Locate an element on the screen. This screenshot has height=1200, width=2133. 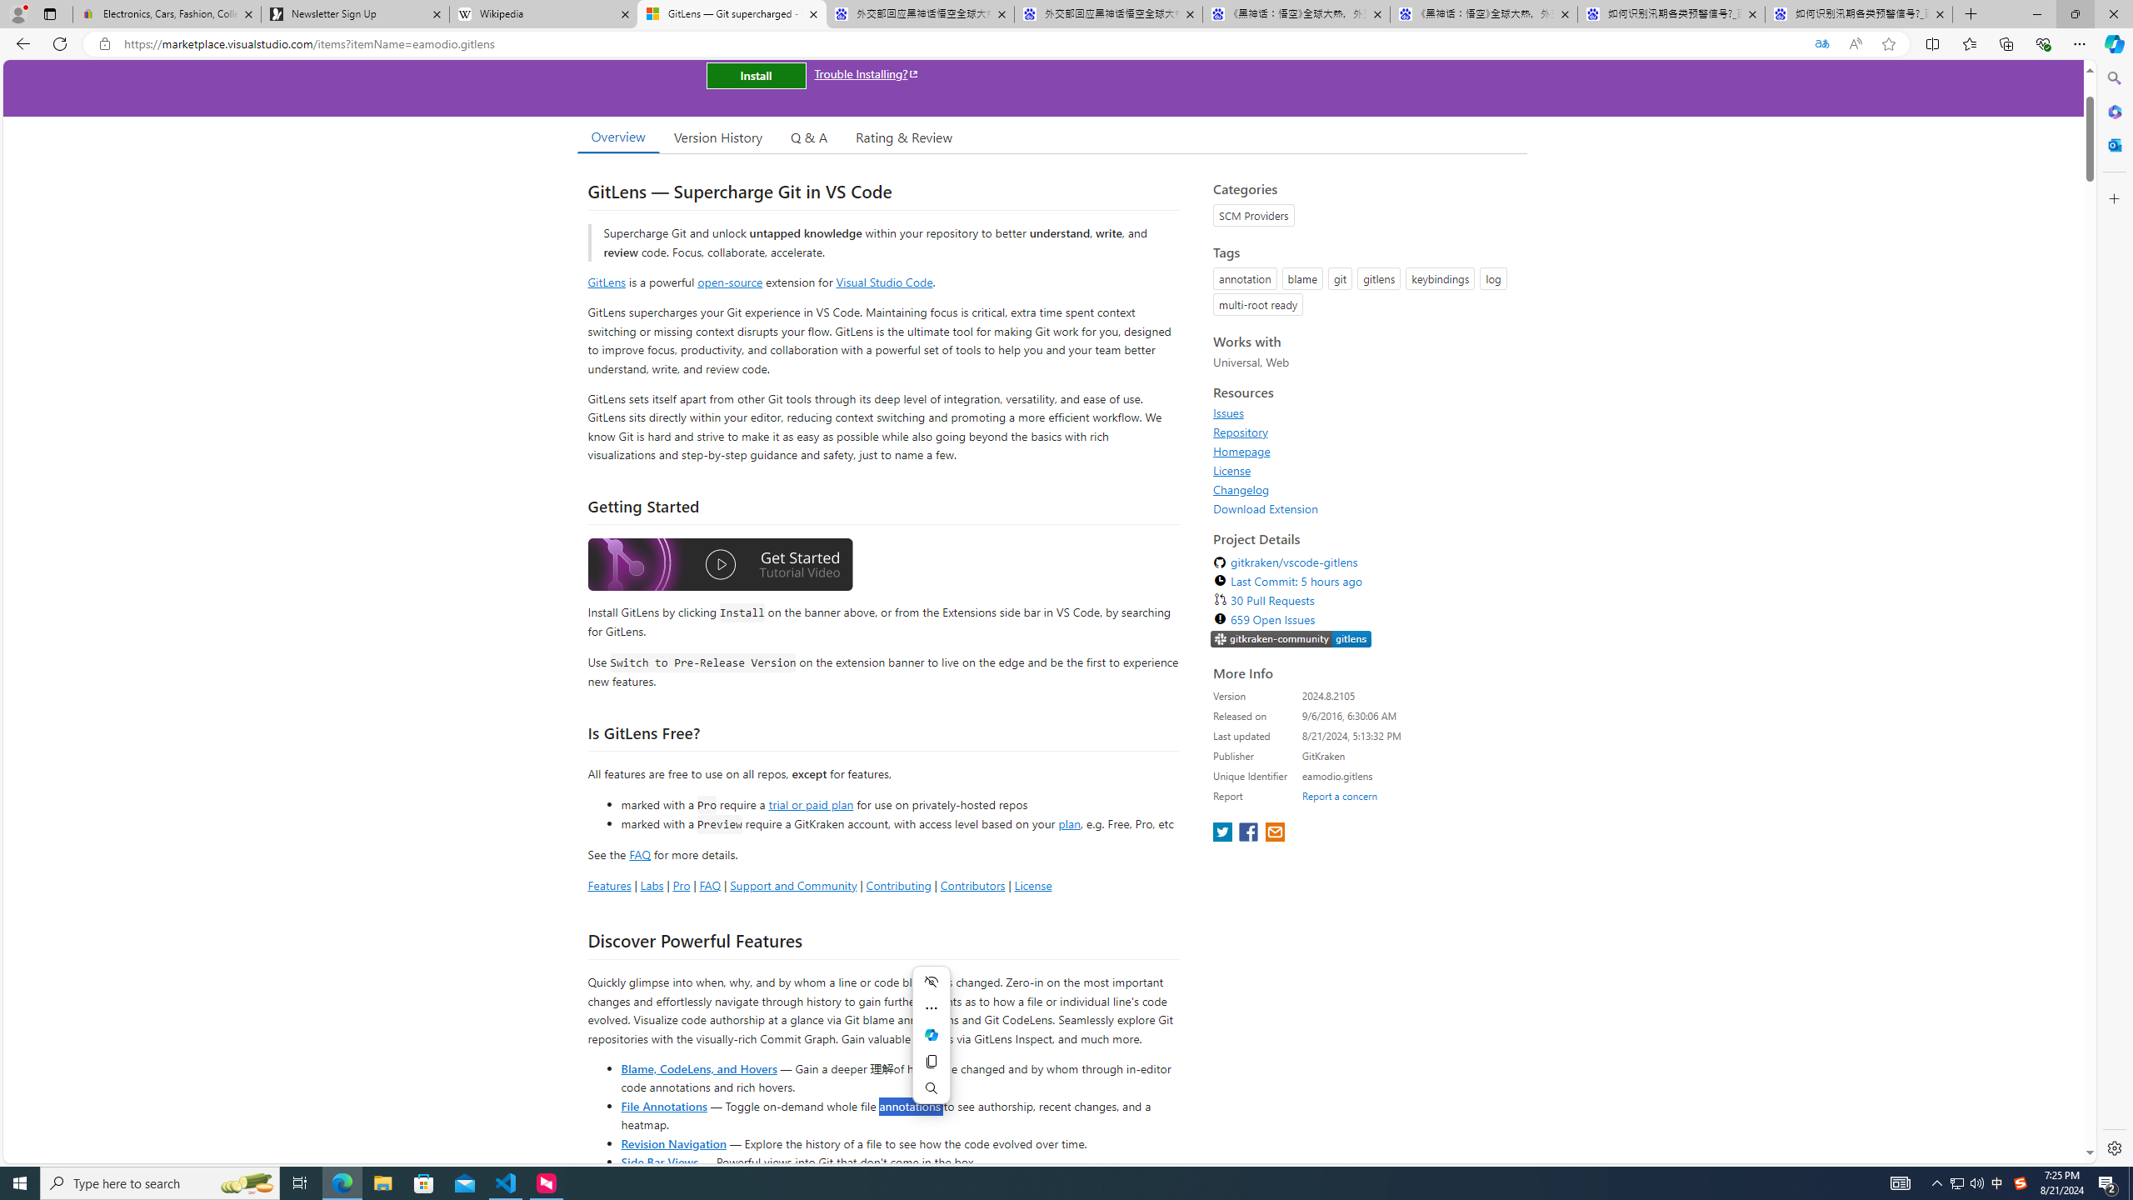
'Blame, CodeLens, and Hovers' is located at coordinates (697, 1067).